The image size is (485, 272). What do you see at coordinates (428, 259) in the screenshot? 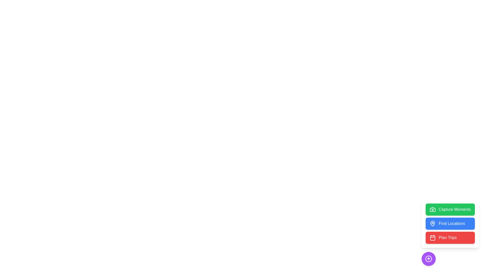
I see `floating action button to toggle the menu visibility` at bounding box center [428, 259].